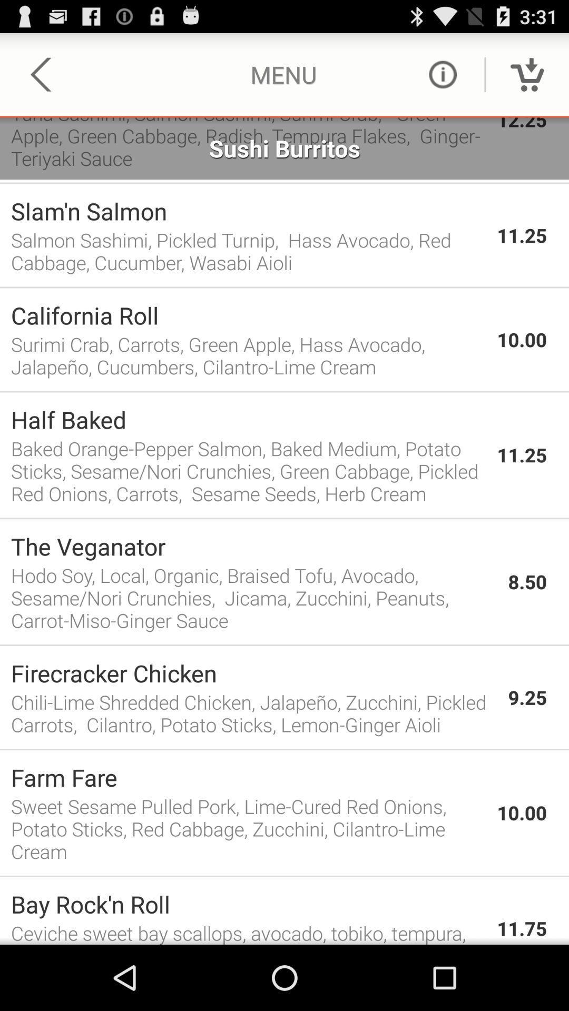 Image resolution: width=569 pixels, height=1011 pixels. What do you see at coordinates (254, 598) in the screenshot?
I see `the item next to 8.50 app` at bounding box center [254, 598].